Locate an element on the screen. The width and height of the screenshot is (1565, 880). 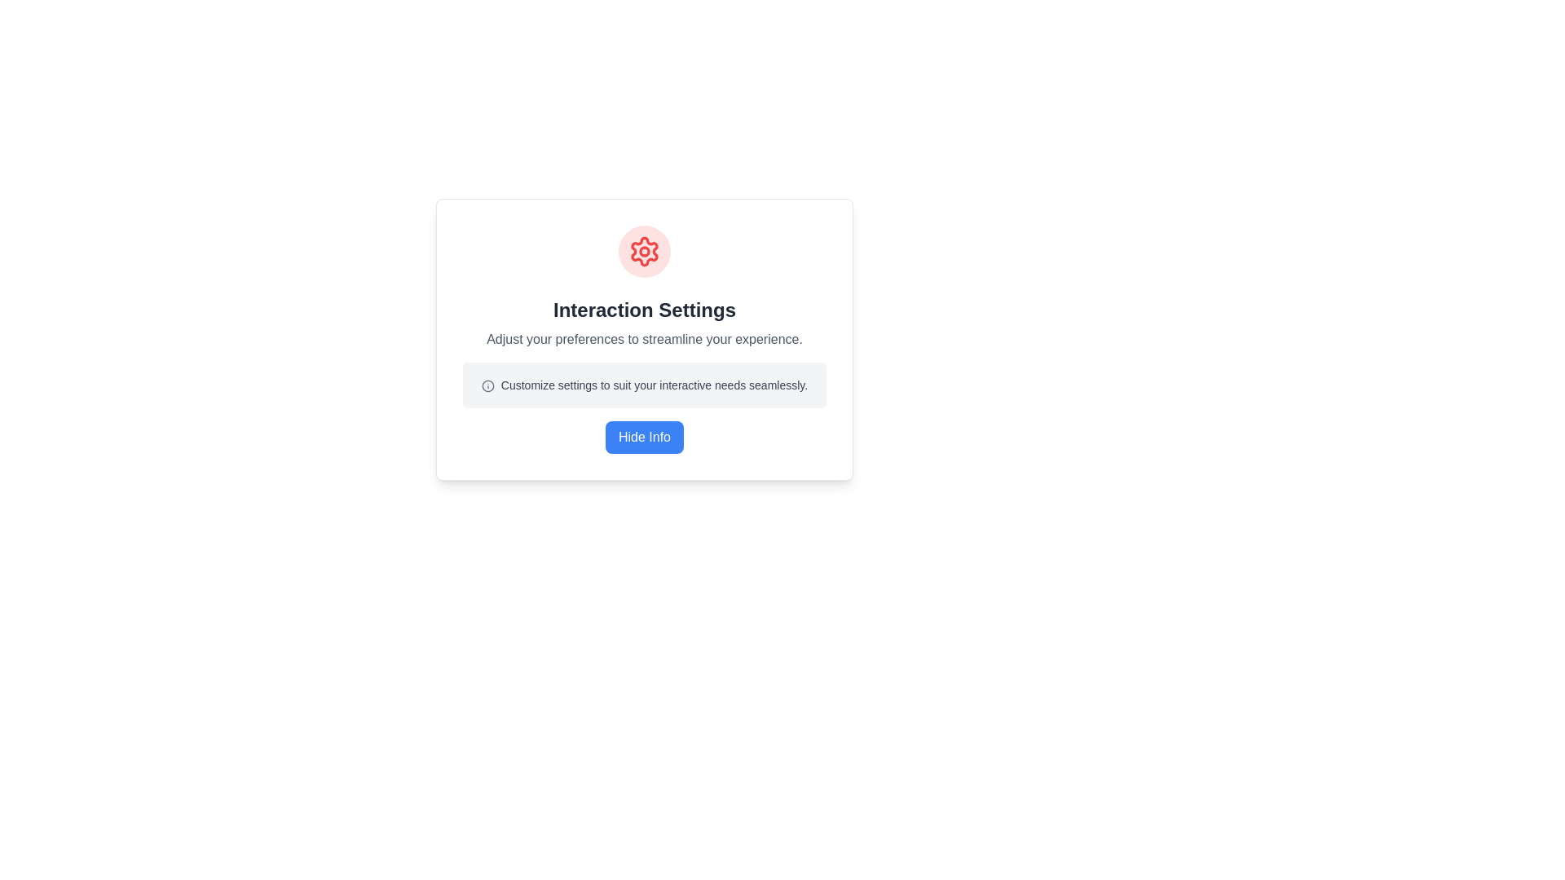
the outer circular shape of the SVG icon located near the text 'Interaction Settings' by clicking on it is located at coordinates (487, 385).